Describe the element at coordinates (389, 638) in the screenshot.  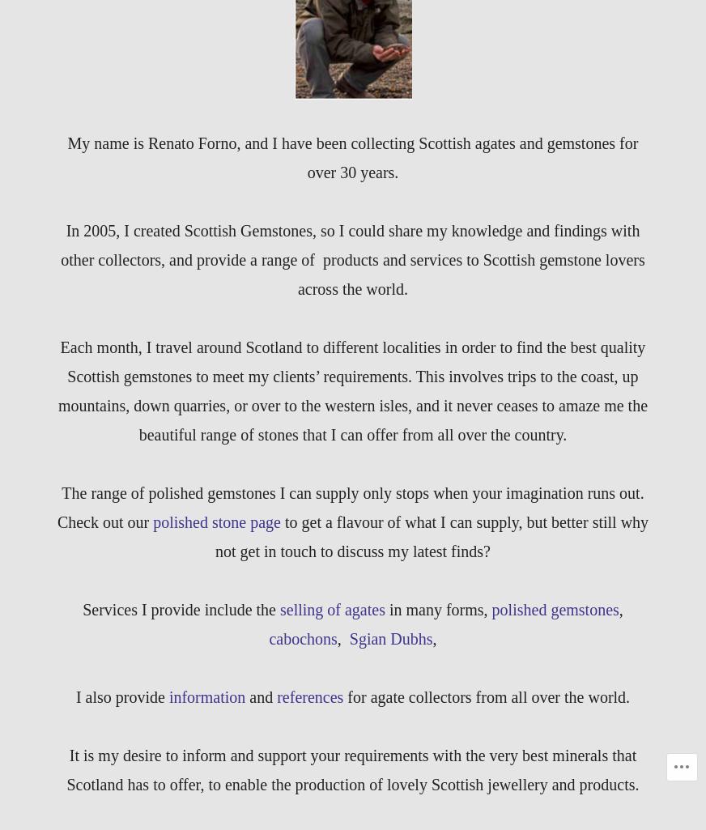
I see `'Sgian Dubhs'` at that location.